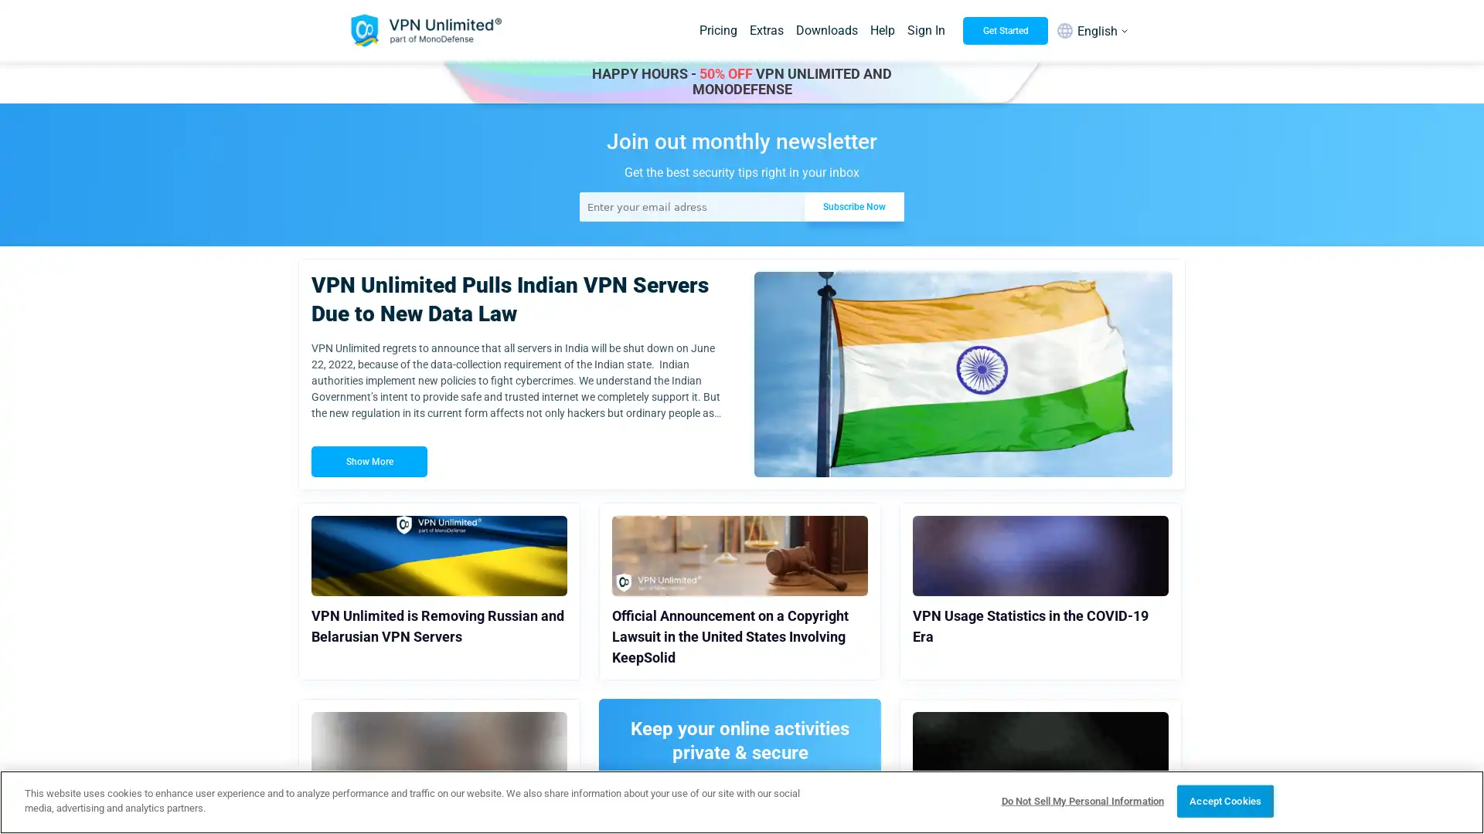 This screenshot has height=834, width=1484. What do you see at coordinates (1081, 800) in the screenshot?
I see `Do Not Sell My Personal Information` at bounding box center [1081, 800].